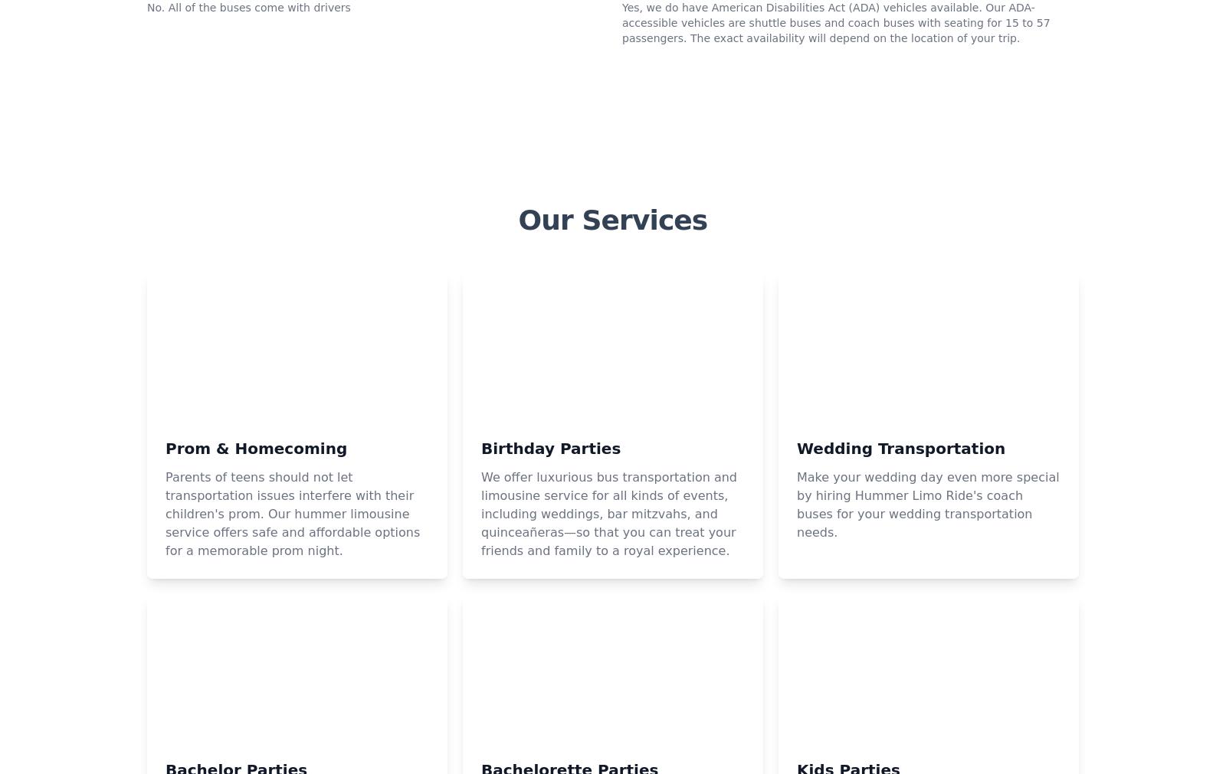 This screenshot has height=774, width=1226. What do you see at coordinates (901, 652) in the screenshot?
I see `'Wedding Transportation'` at bounding box center [901, 652].